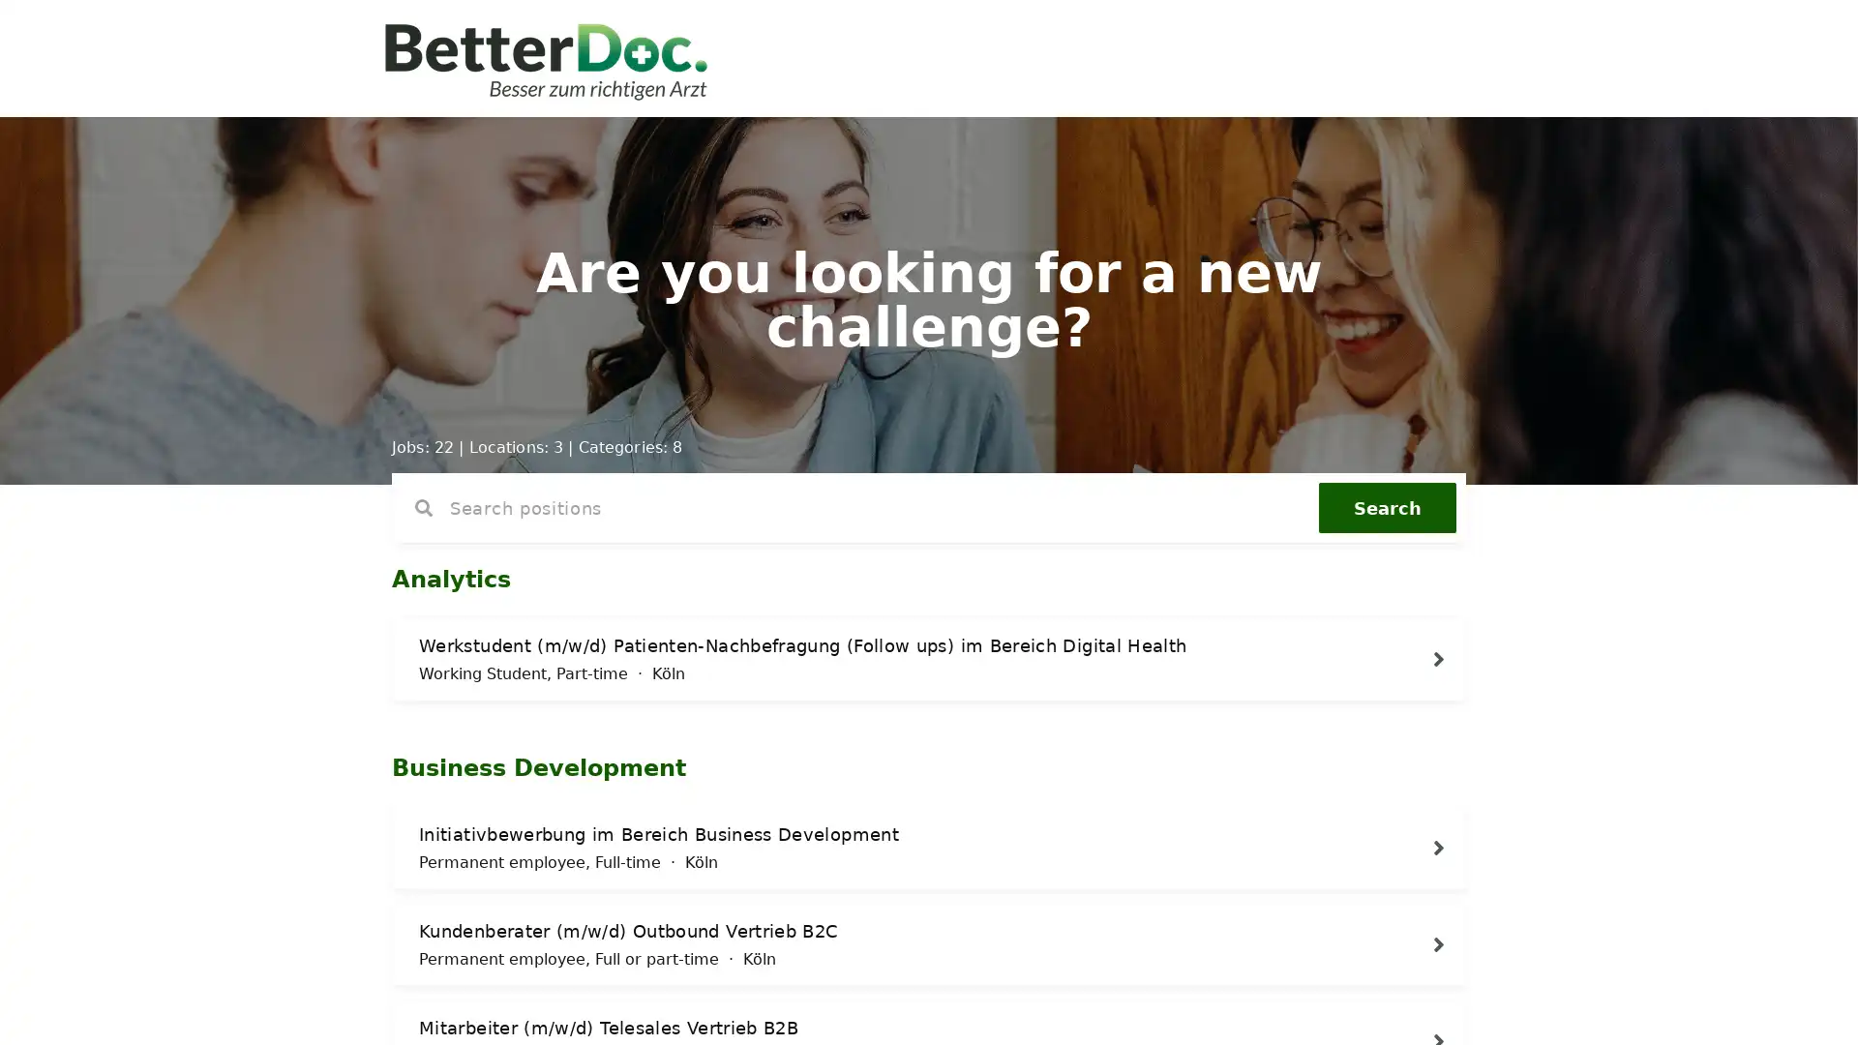  I want to click on Search, so click(1387, 506).